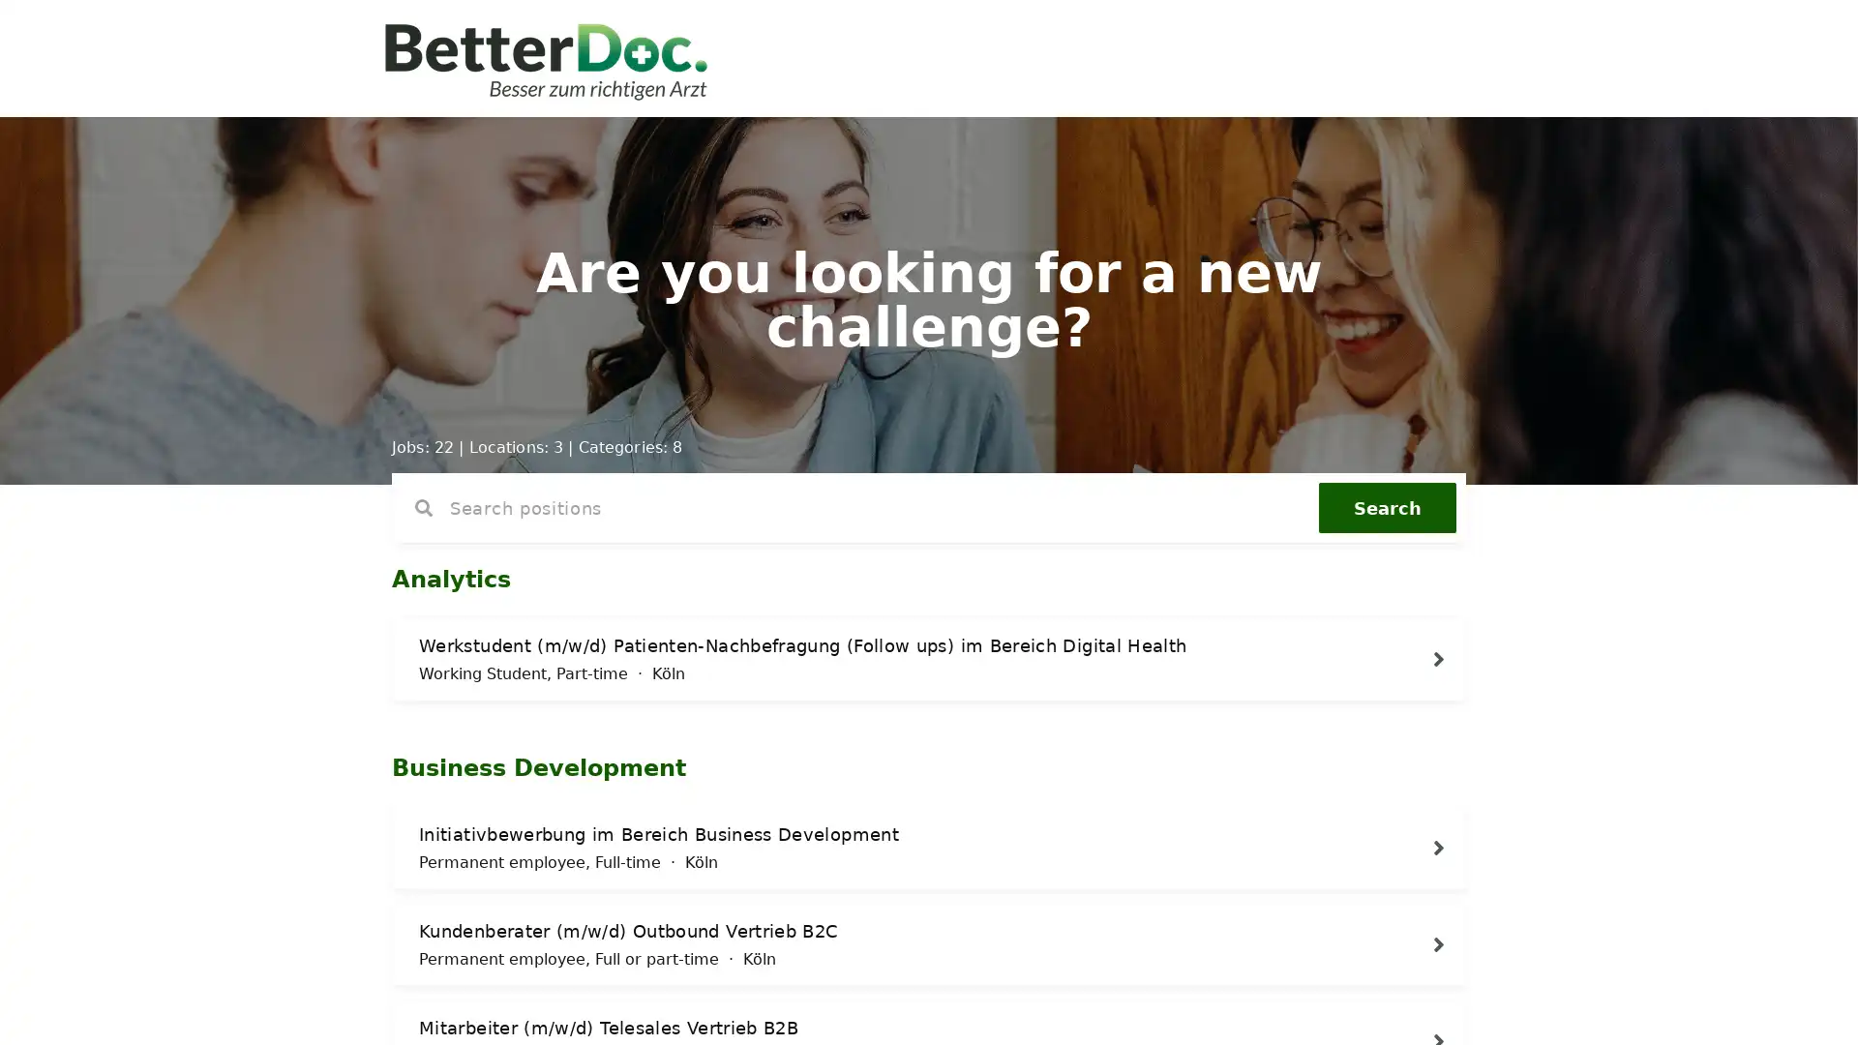  I want to click on Search, so click(1387, 506).